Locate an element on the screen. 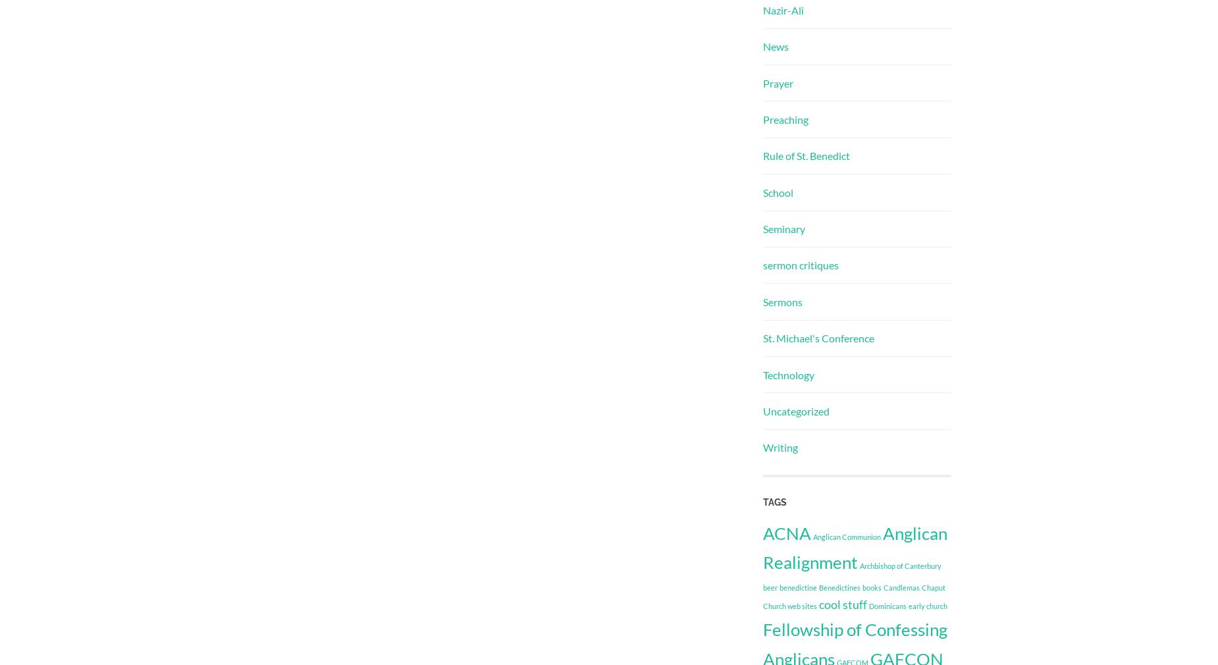  'Chaput' is located at coordinates (934, 587).